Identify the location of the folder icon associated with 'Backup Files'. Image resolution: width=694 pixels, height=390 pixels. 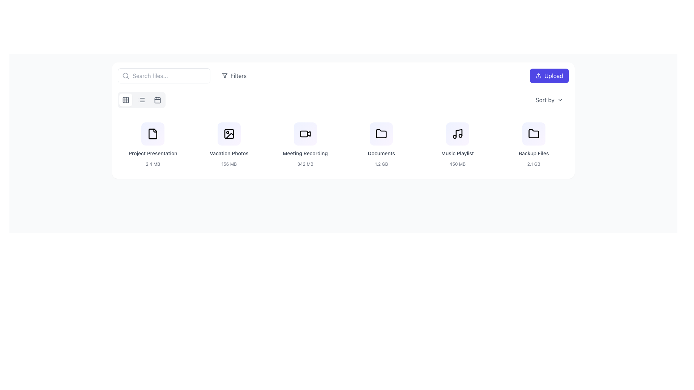
(534, 134).